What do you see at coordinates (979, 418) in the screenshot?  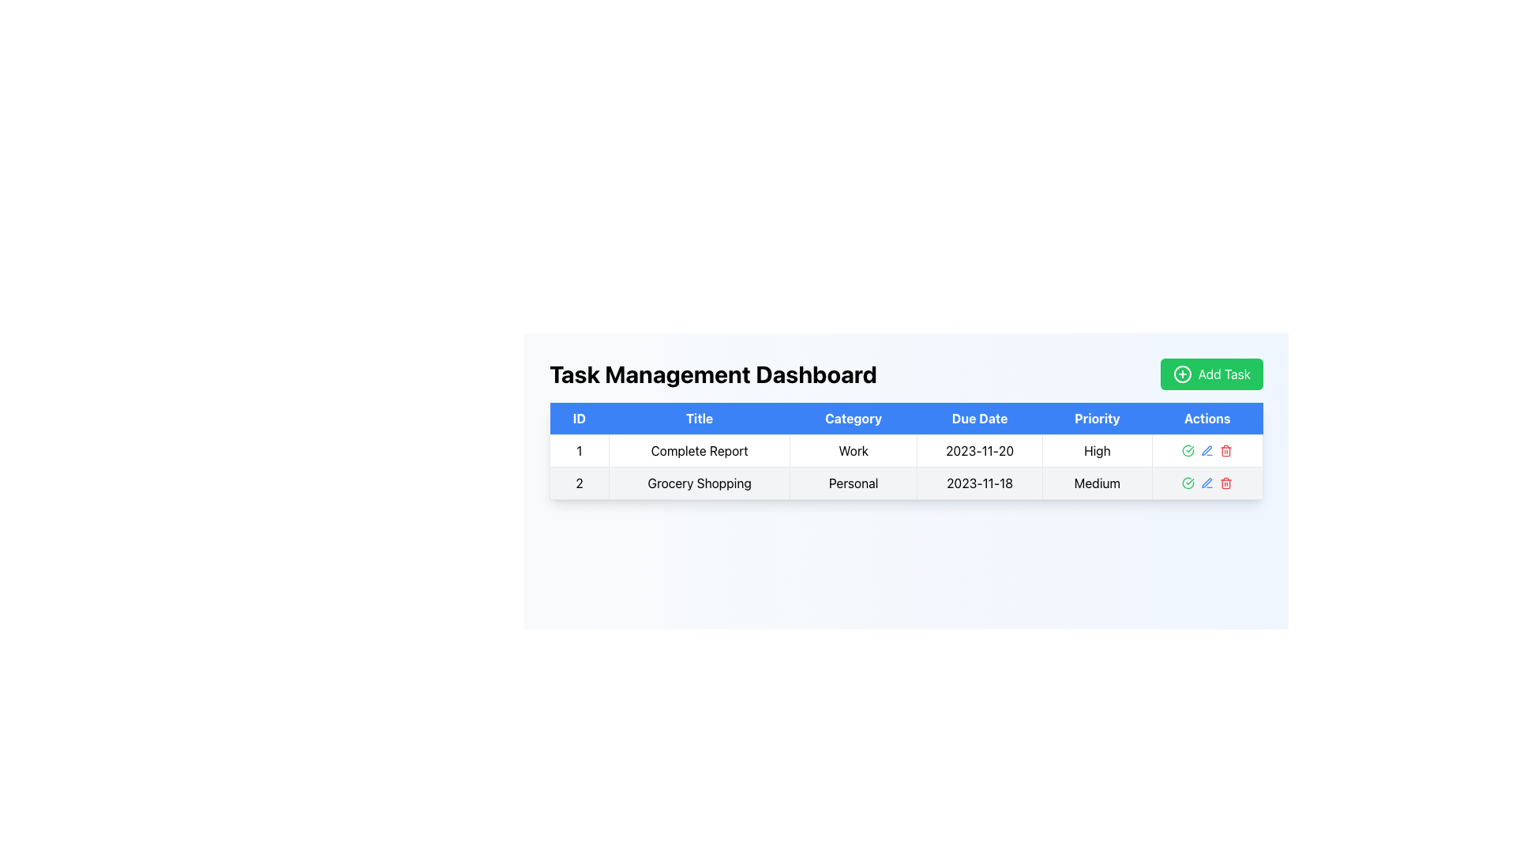 I see `the 'Due Date' text label, which is displayed in bold white font against a blue background and is the fourth header in a table layout` at bounding box center [979, 418].